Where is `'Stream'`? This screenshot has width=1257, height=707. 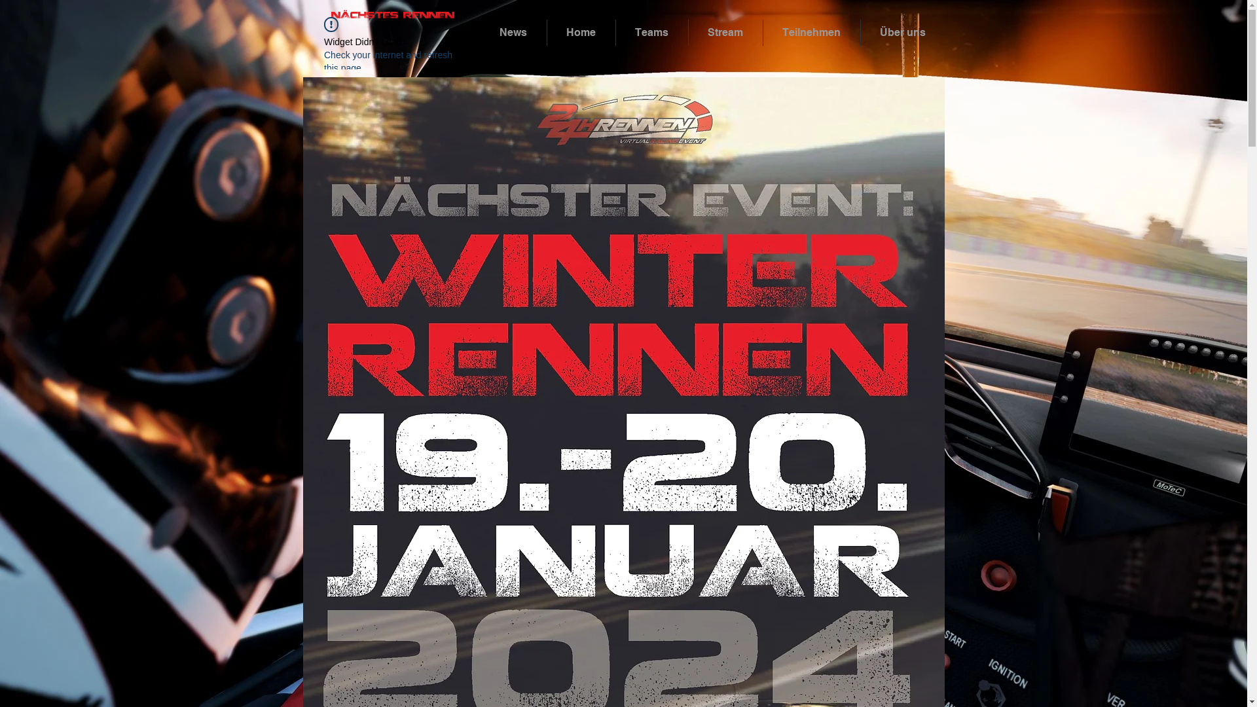
'Stream' is located at coordinates (687, 32).